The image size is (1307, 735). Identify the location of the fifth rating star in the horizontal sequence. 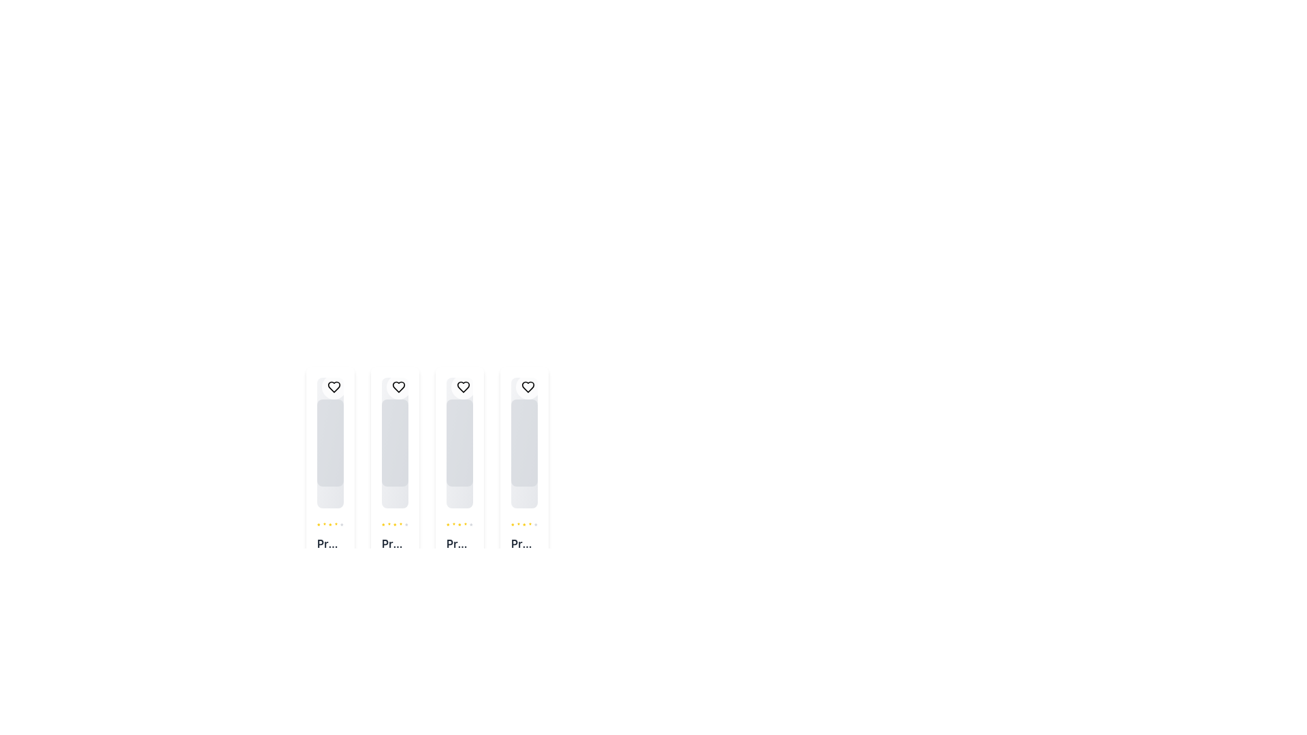
(535, 524).